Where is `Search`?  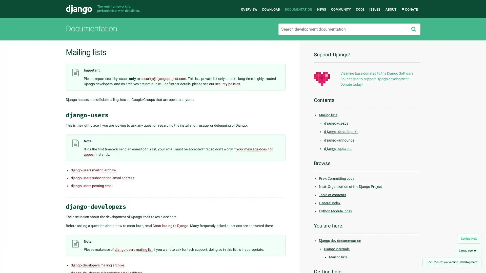
Search is located at coordinates (413, 29).